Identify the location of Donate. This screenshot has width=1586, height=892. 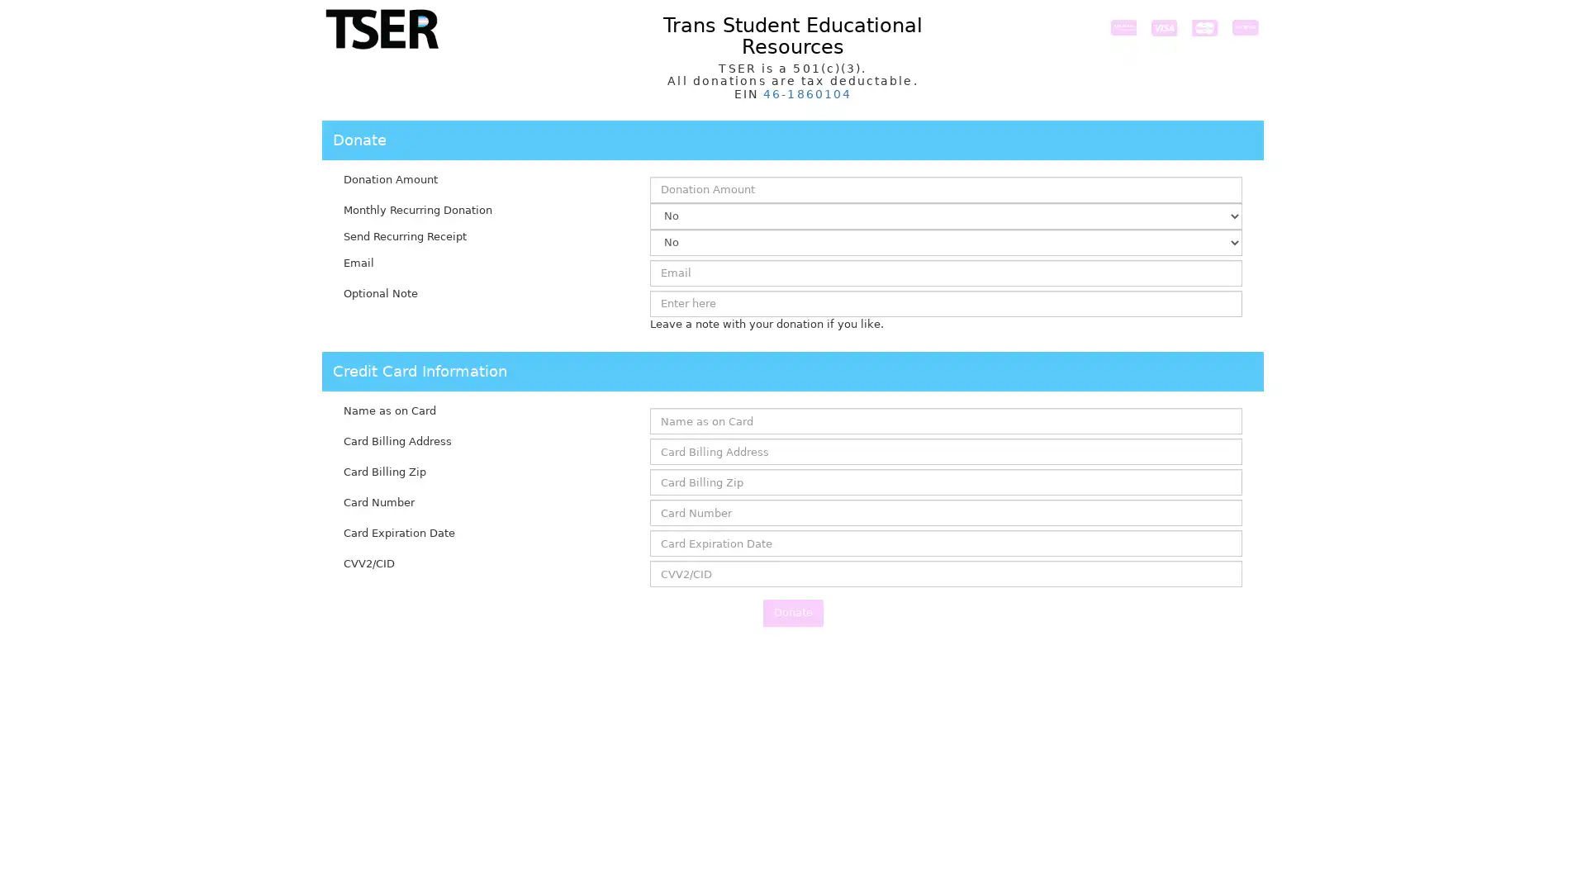
(791, 612).